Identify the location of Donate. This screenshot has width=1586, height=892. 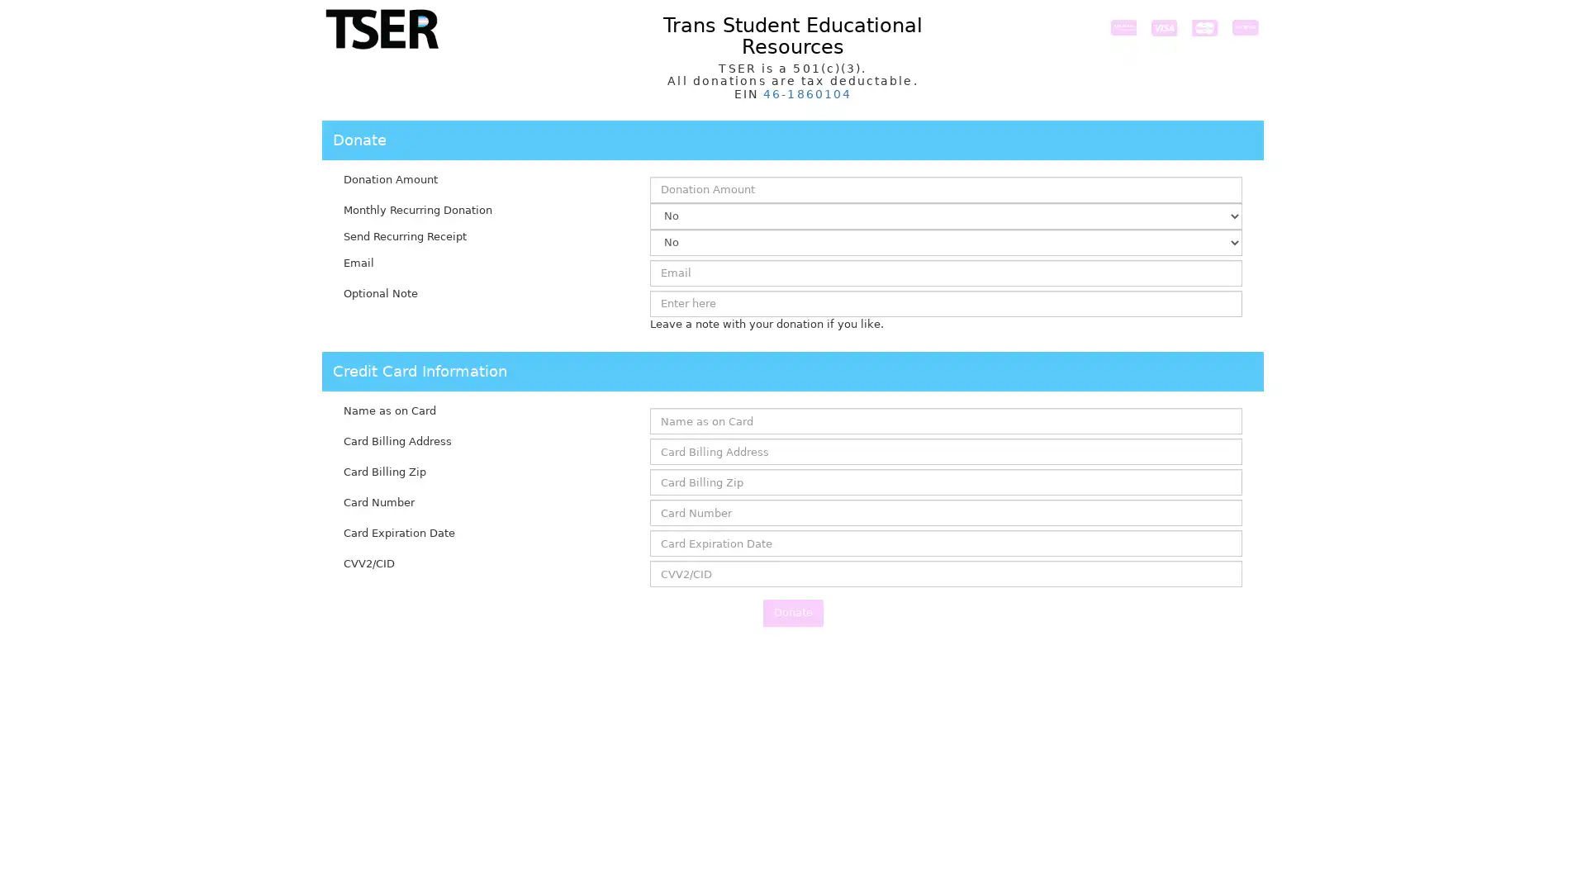
(791, 612).